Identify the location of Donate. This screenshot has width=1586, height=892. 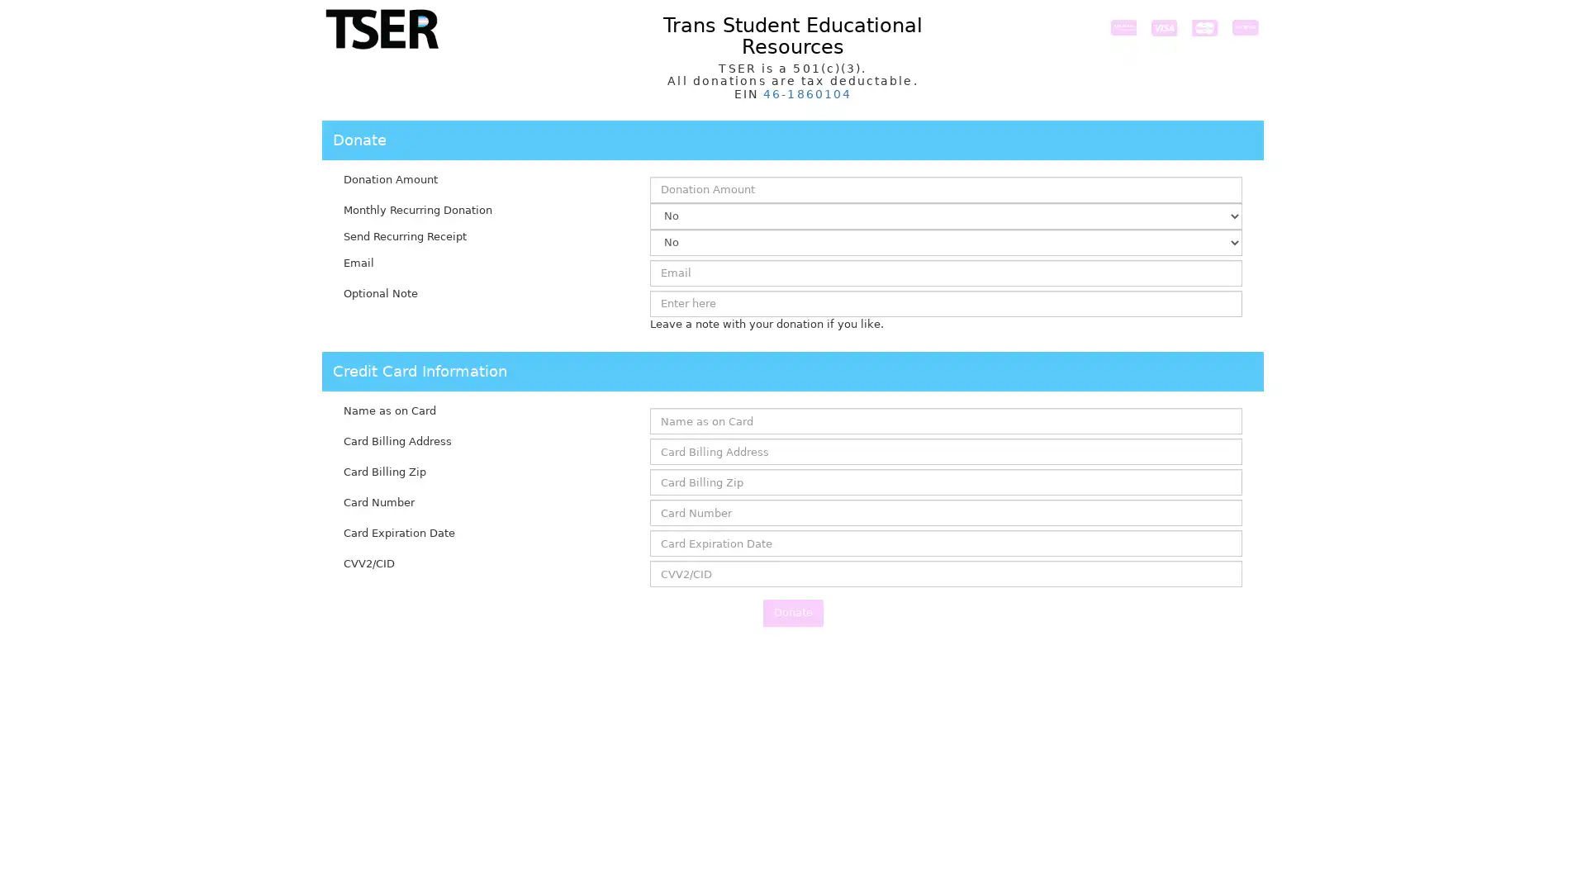
(791, 612).